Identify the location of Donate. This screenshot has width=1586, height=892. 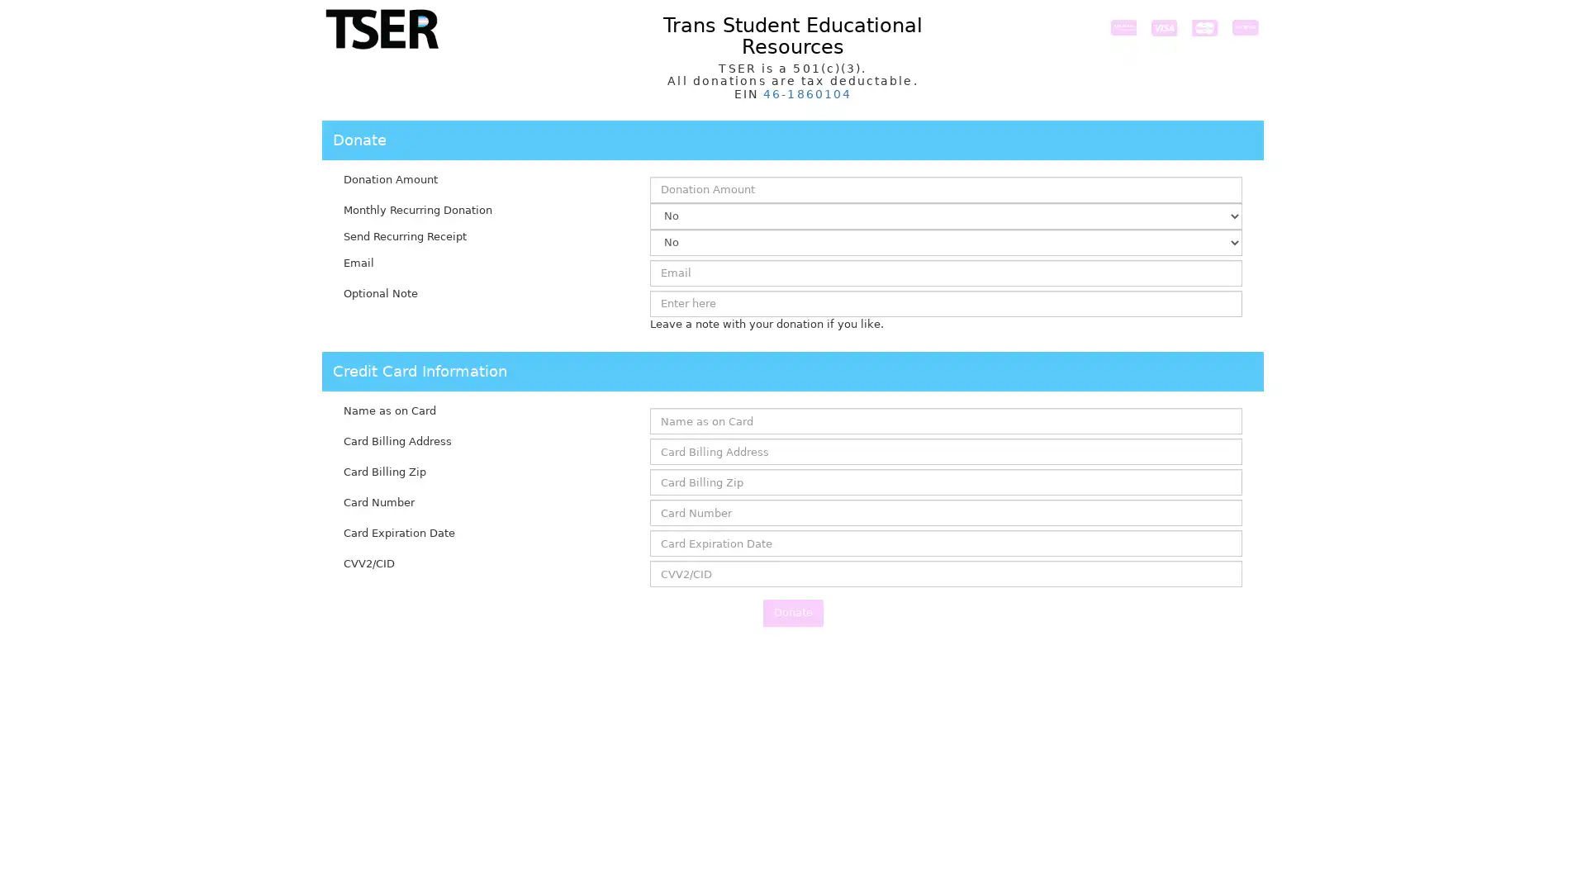
(791, 612).